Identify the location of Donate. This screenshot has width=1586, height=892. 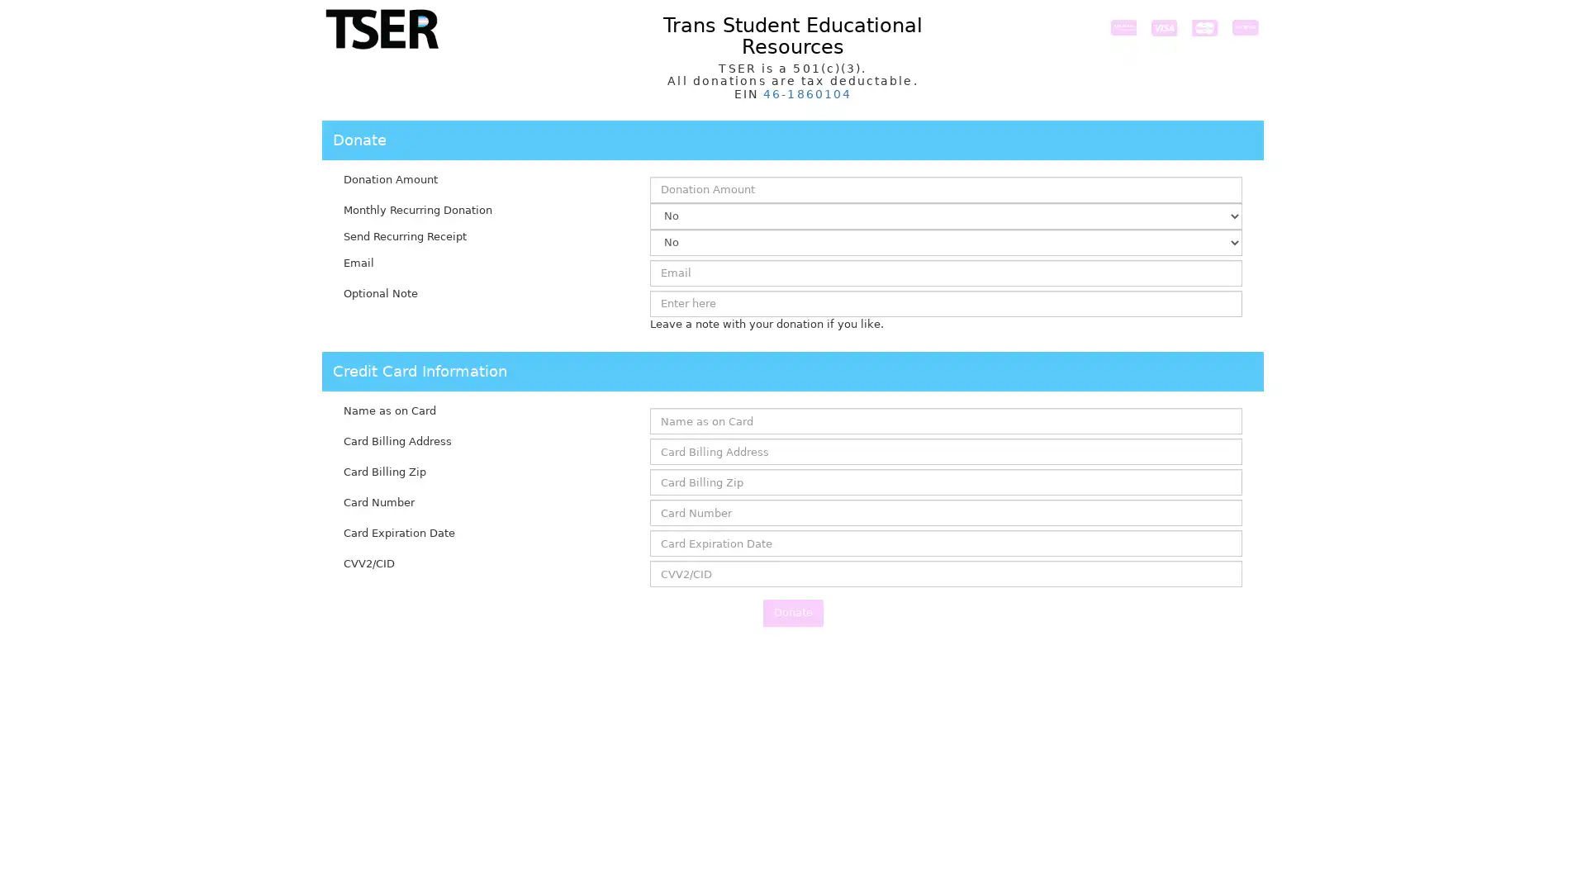
(791, 612).